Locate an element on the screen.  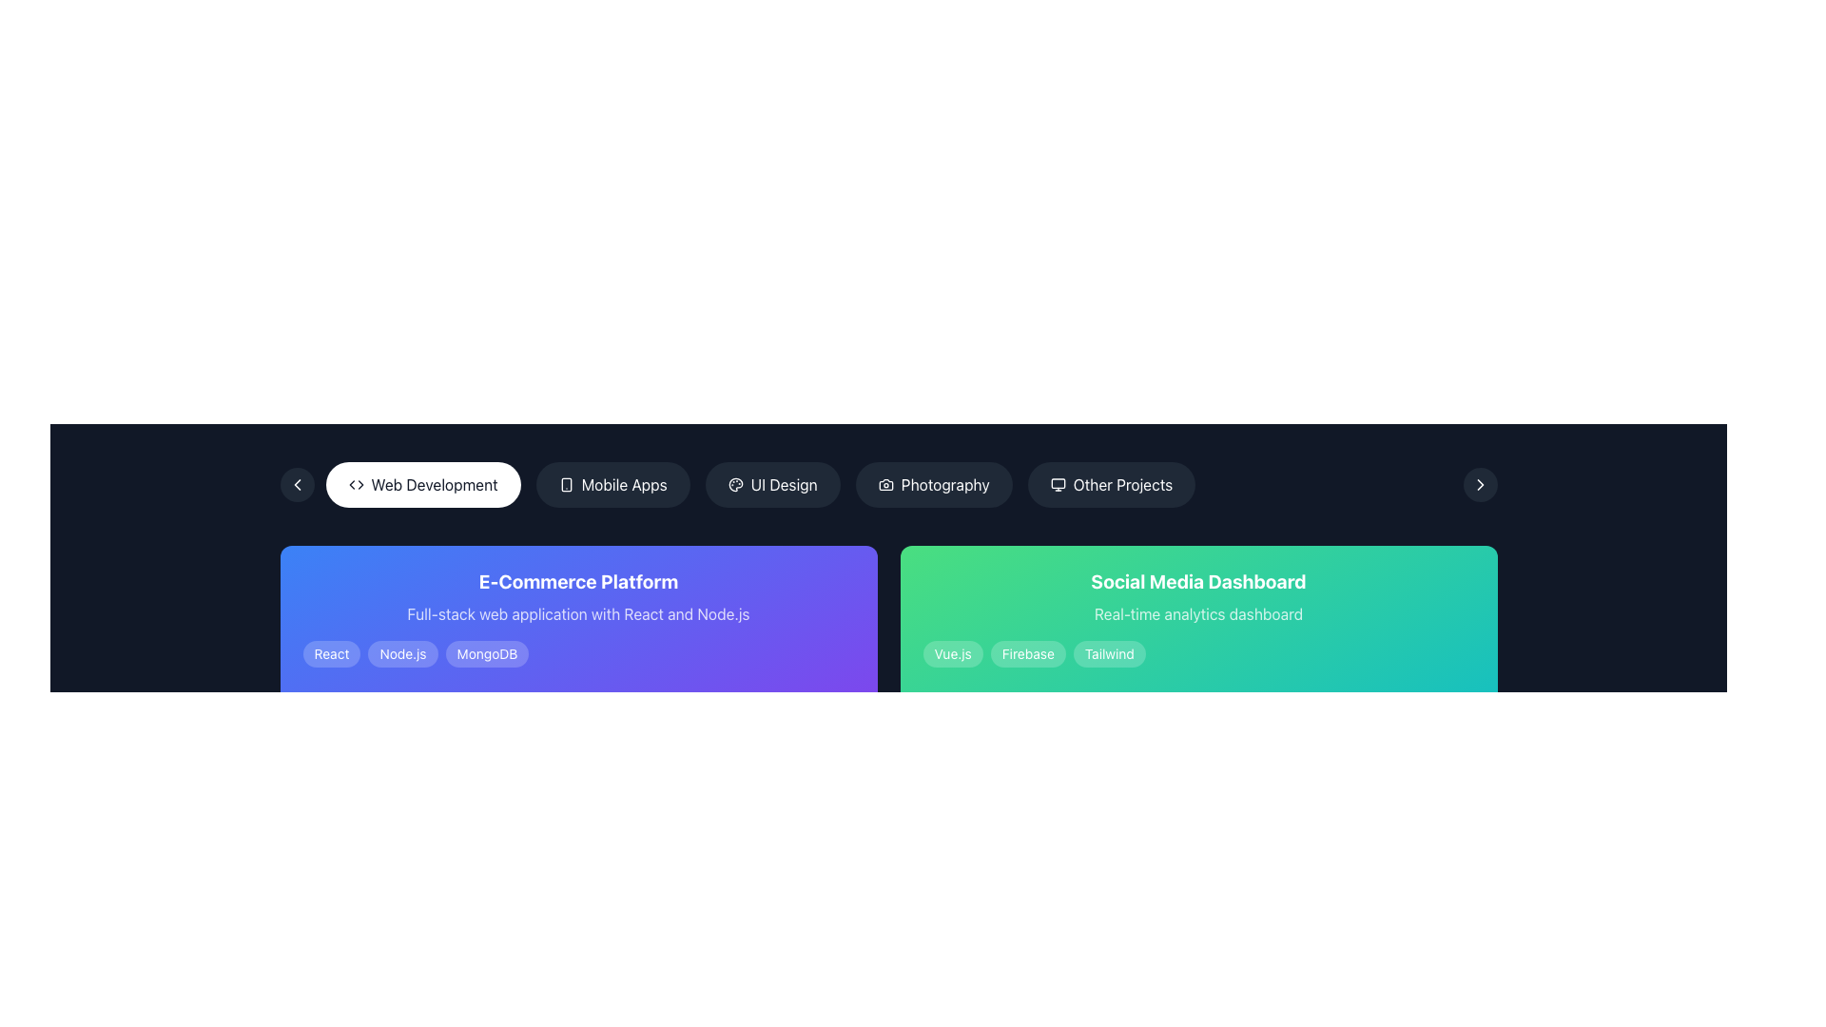
the content of the Text Label representing the title of the dashboard, which is centrally located in the green gradient rectangular area of the card layout is located at coordinates (1197, 581).